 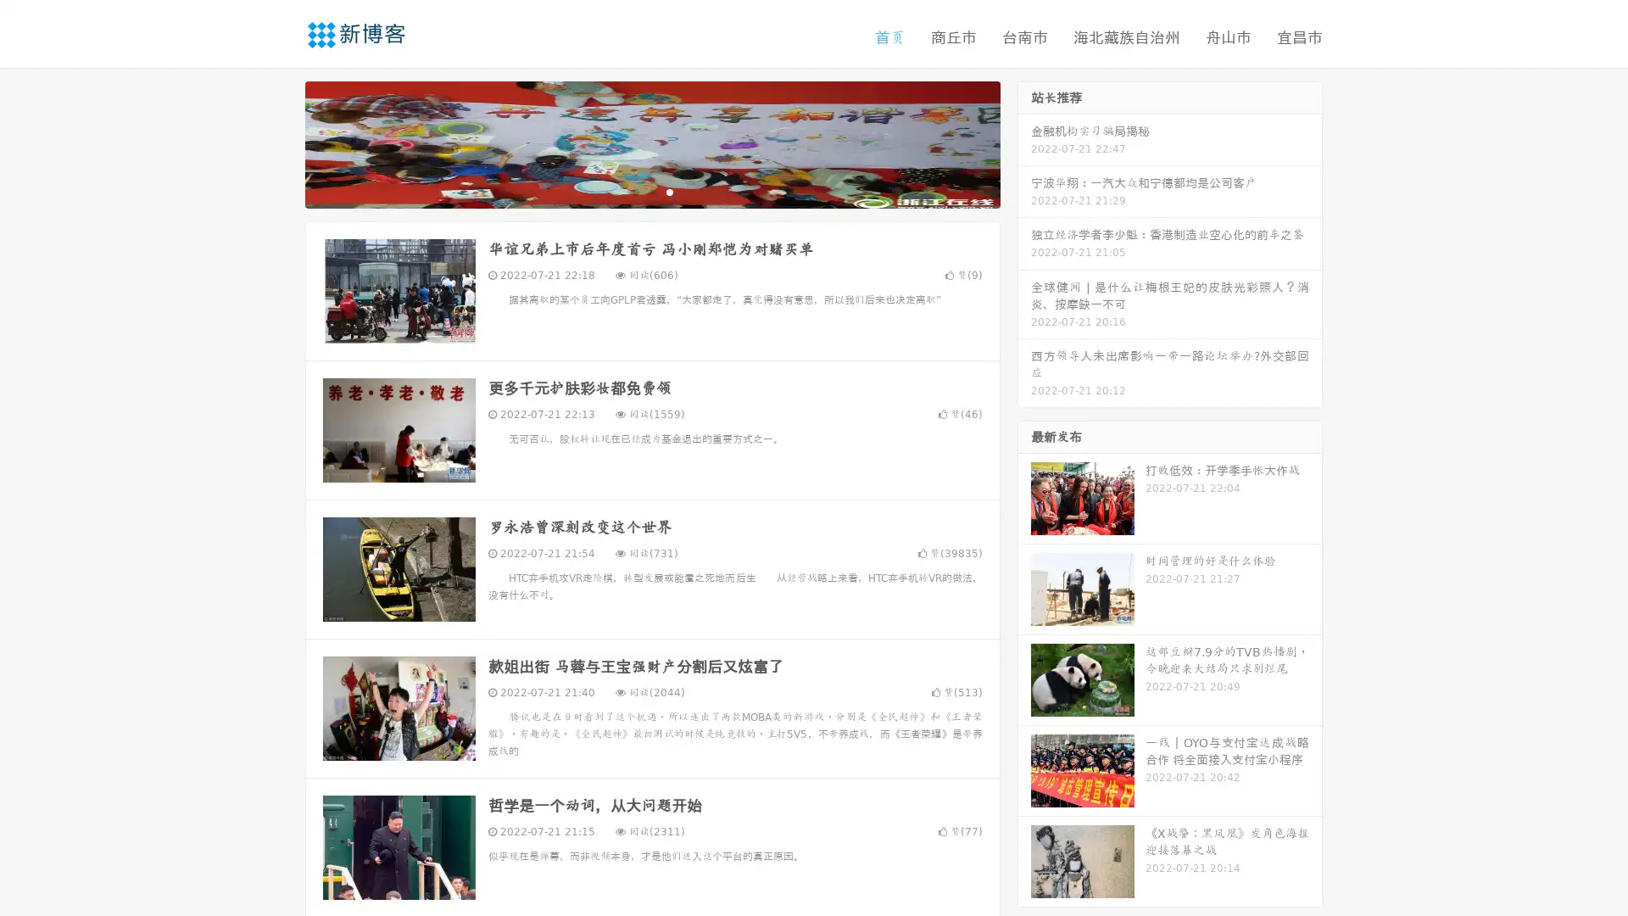 What do you see at coordinates (1024, 142) in the screenshot?
I see `Next slide` at bounding box center [1024, 142].